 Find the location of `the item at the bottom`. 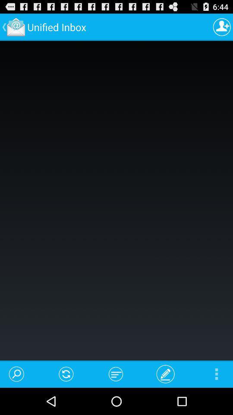

the item at the bottom is located at coordinates (116, 373).